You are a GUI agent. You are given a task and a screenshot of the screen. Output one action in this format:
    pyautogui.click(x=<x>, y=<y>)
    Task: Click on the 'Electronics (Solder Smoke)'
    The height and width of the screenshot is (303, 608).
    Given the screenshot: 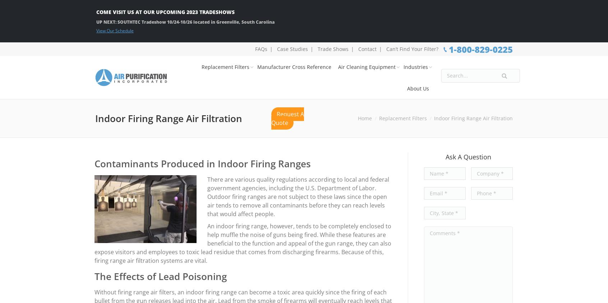 What is the action you would take?
    pyautogui.click(x=410, y=139)
    